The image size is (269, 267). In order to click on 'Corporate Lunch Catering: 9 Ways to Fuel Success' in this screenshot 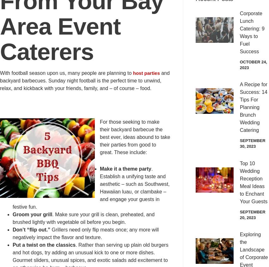, I will do `click(239, 32)`.